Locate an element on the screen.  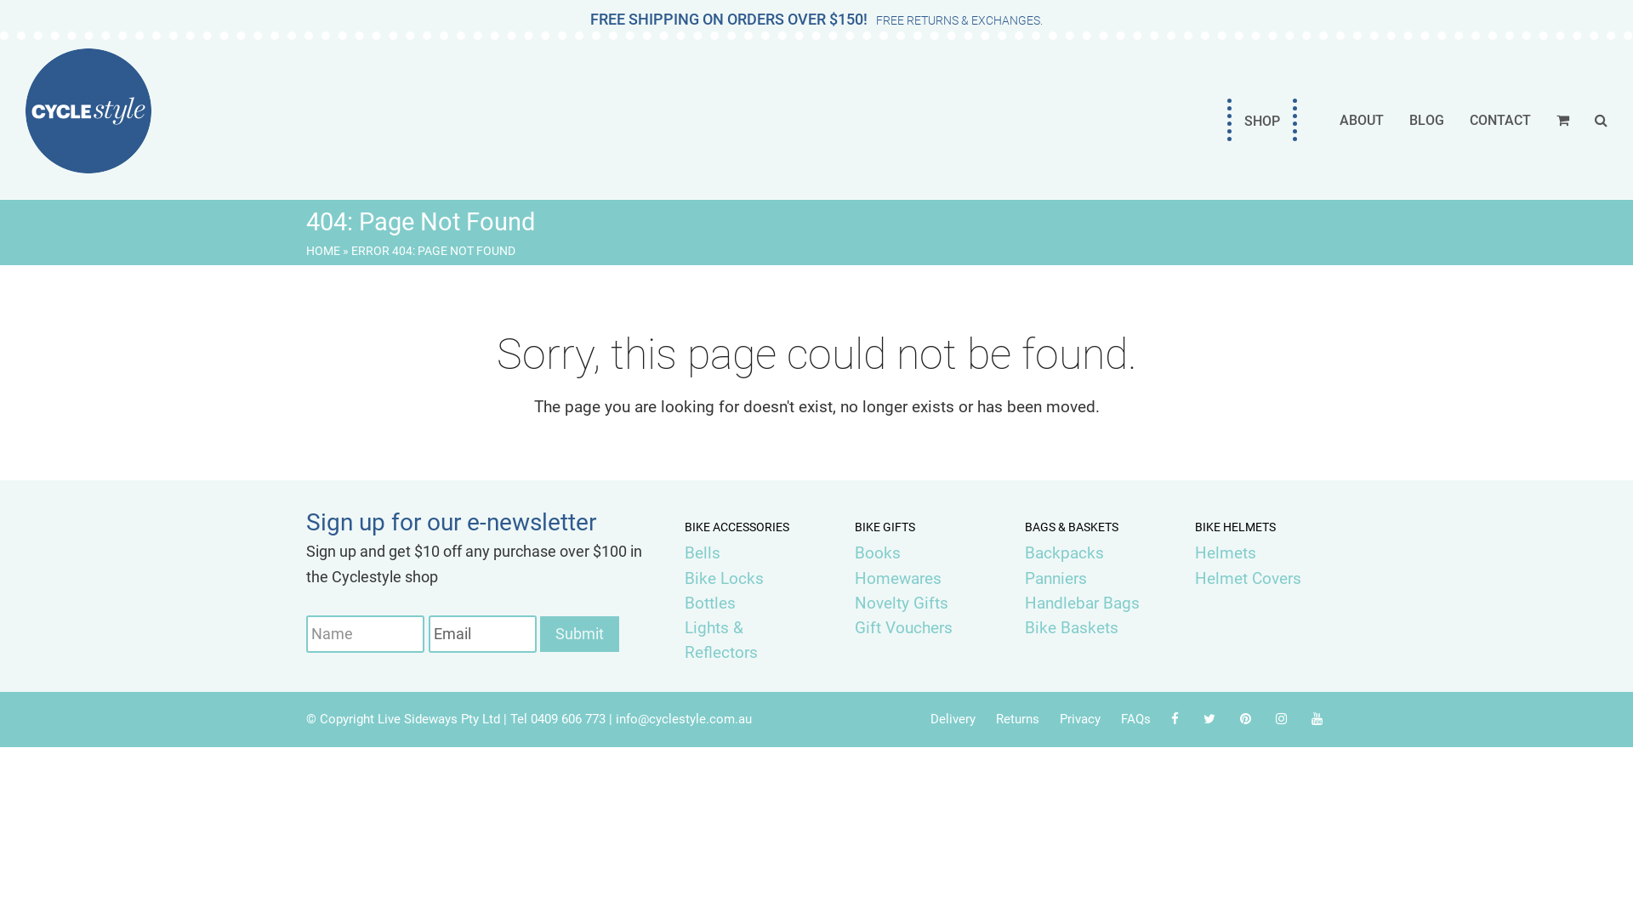
'Novelty Gifts' is located at coordinates (901, 602).